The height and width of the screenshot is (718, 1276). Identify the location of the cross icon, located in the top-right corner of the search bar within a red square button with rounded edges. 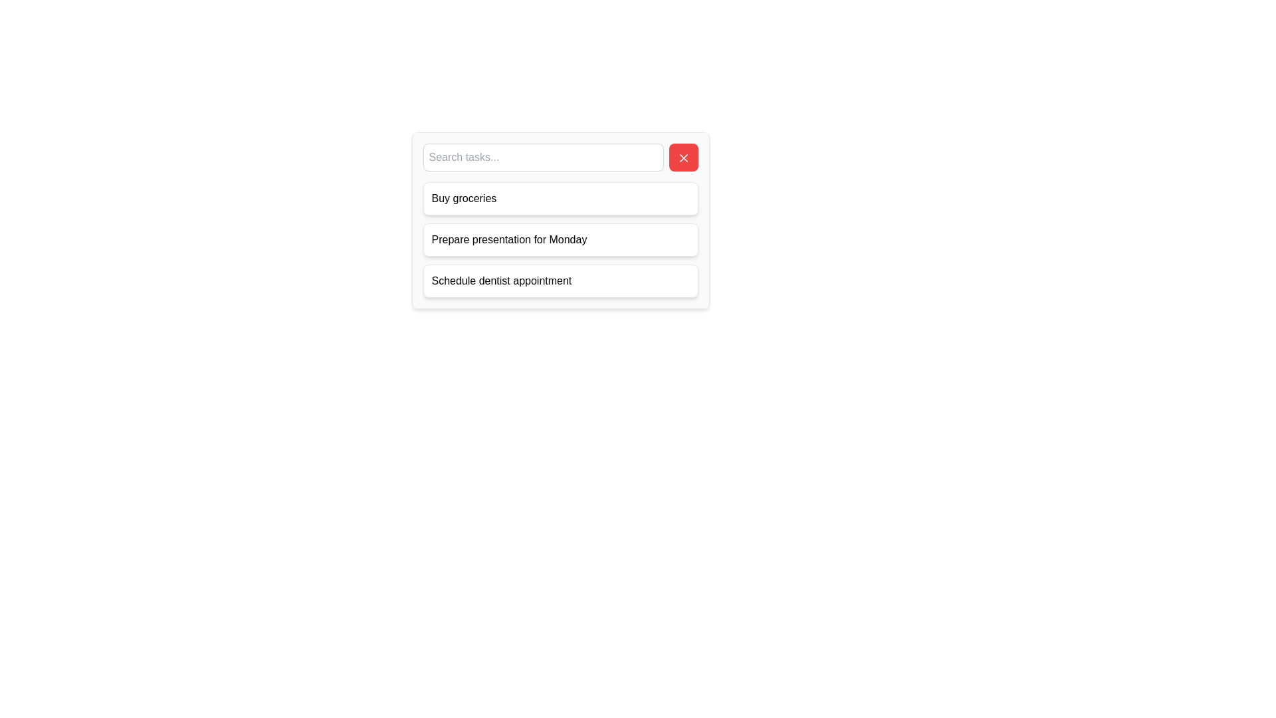
(683, 157).